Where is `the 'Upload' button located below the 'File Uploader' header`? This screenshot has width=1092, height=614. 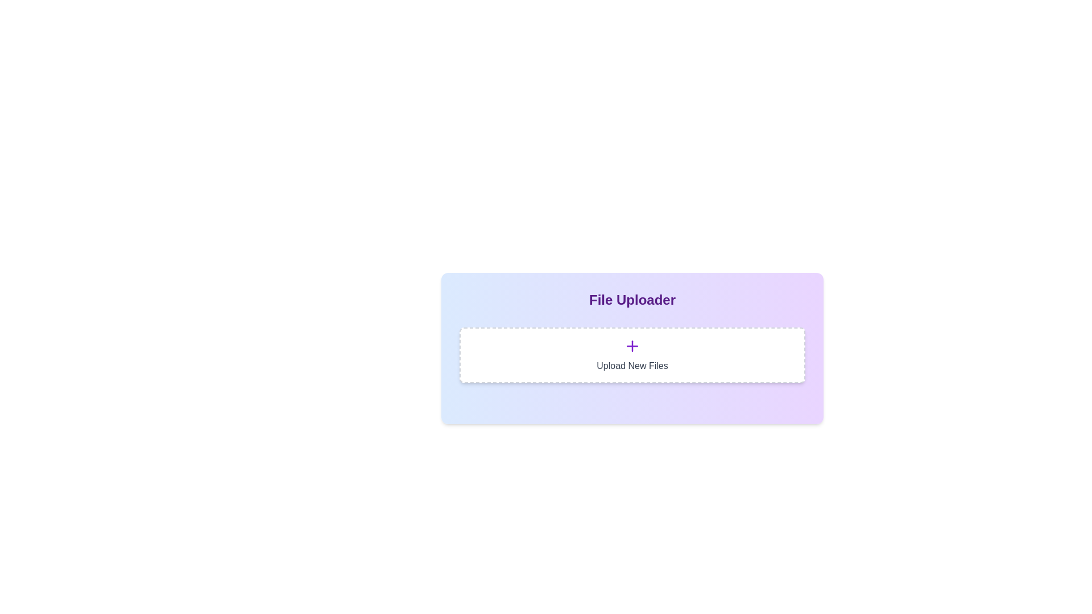
the 'Upload' button located below the 'File Uploader' header is located at coordinates (632, 354).